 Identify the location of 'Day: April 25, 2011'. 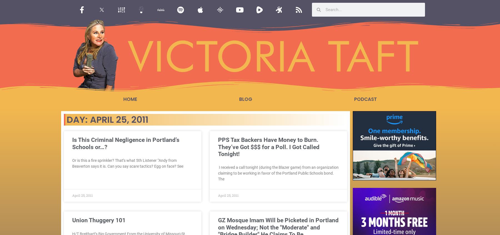
(66, 119).